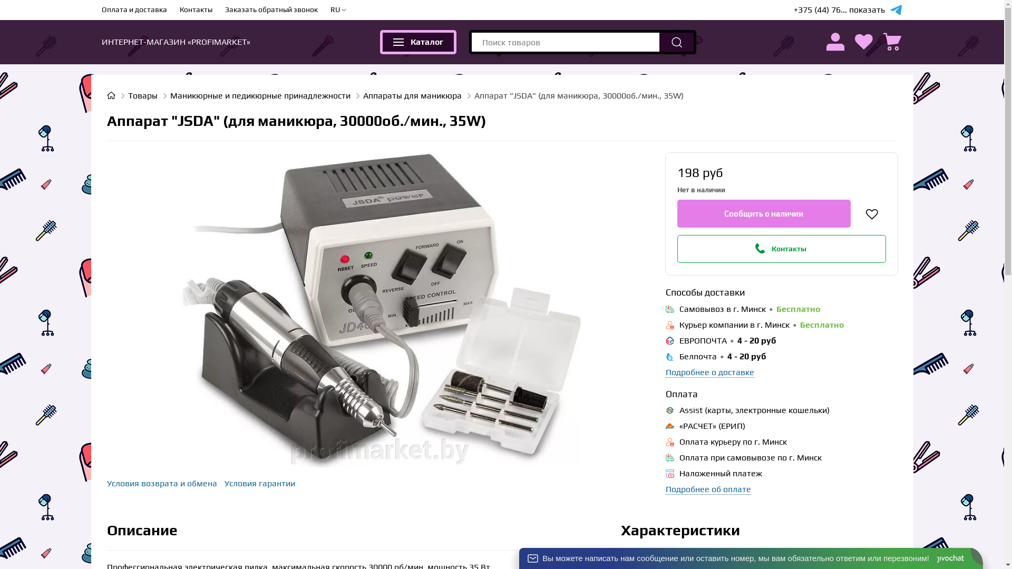 The image size is (1012, 569). What do you see at coordinates (338, 10) in the screenshot?
I see `'RU'` at bounding box center [338, 10].